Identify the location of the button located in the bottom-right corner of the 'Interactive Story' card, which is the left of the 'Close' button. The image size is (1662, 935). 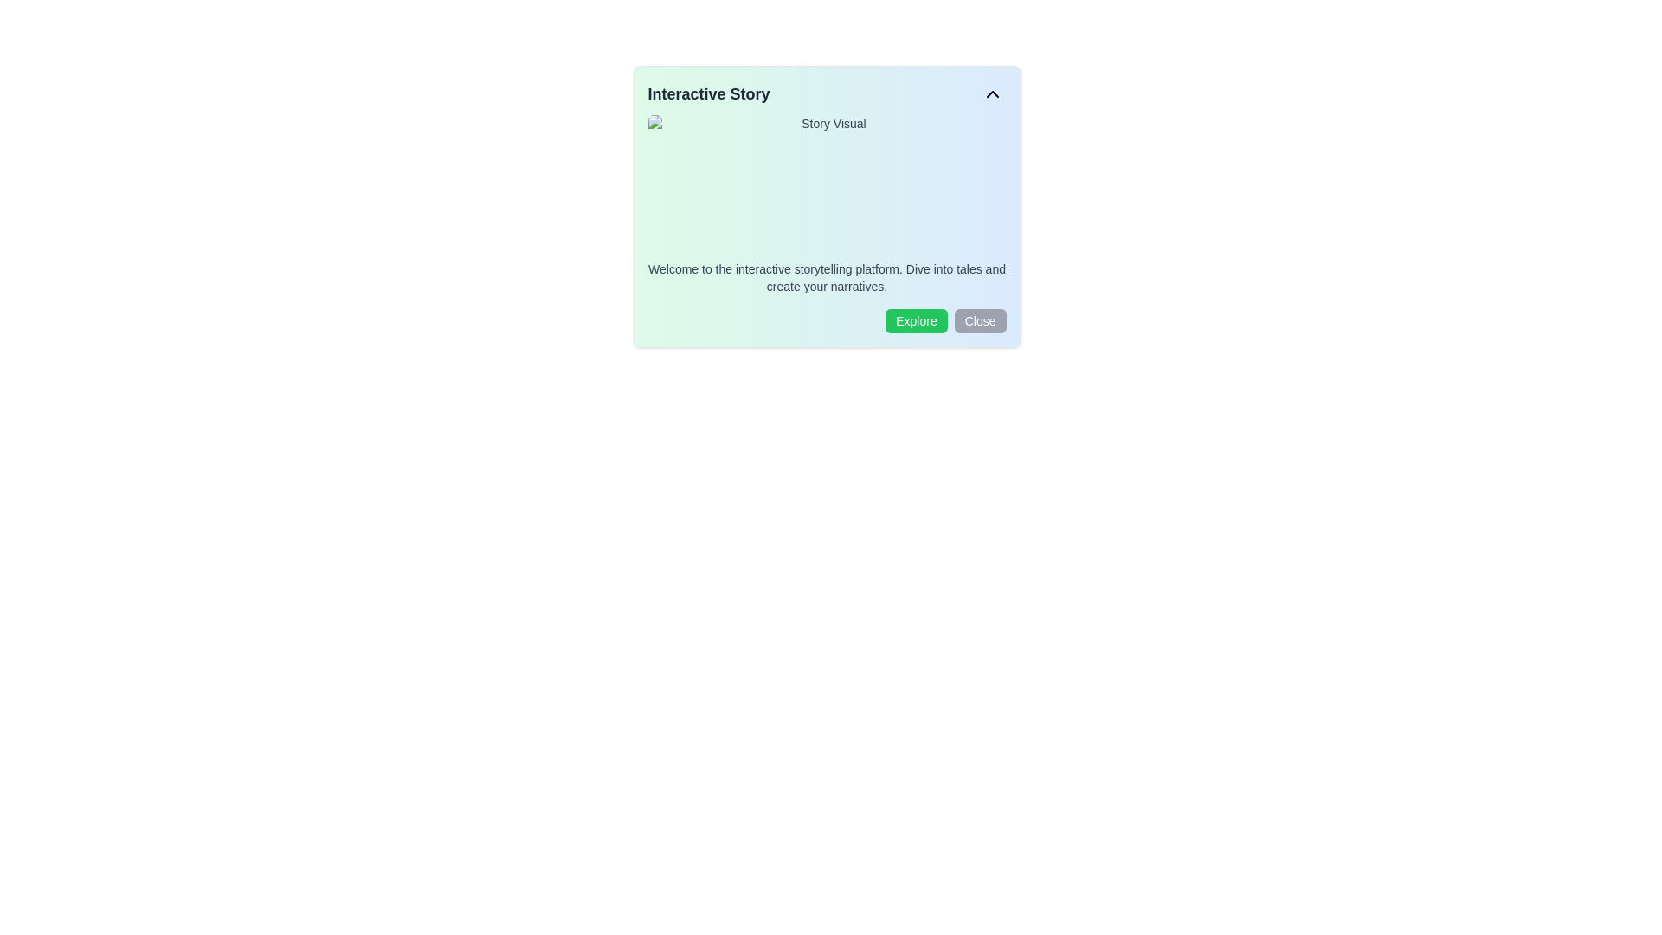
(915, 320).